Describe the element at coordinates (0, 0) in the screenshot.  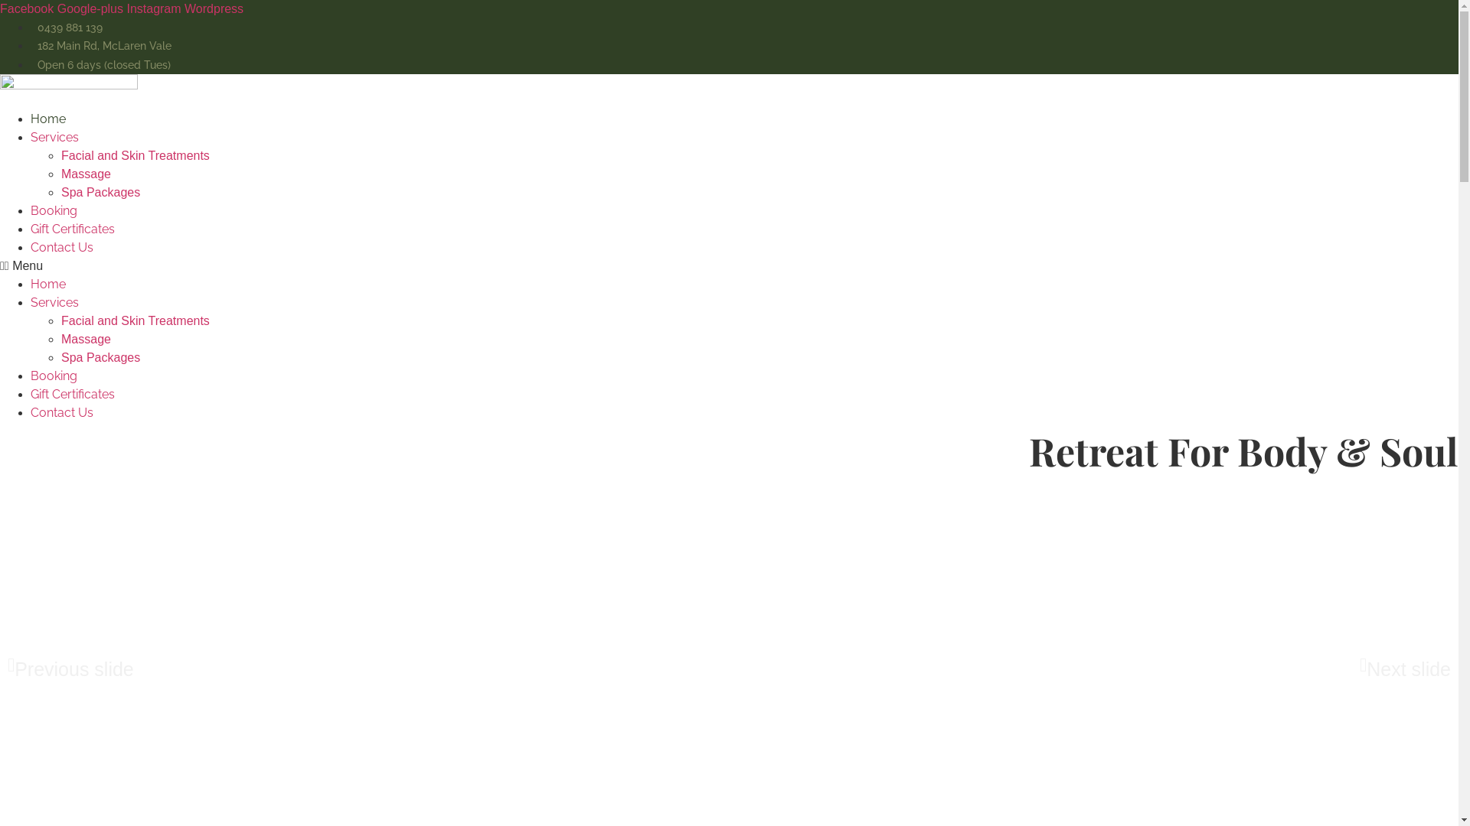
I see `'Skip to content'` at that location.